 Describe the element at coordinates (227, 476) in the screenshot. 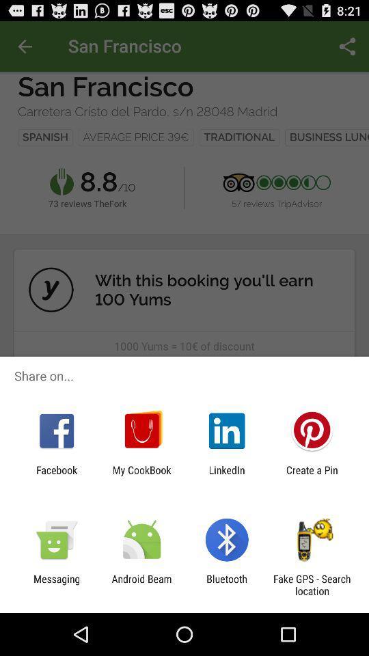

I see `the icon to the left of create a pin` at that location.